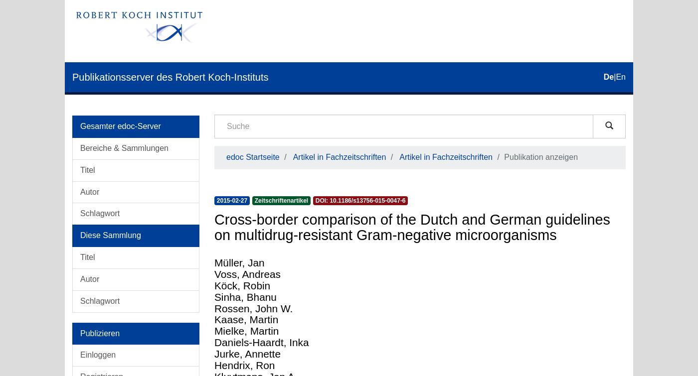 This screenshot has height=376, width=698. Describe the element at coordinates (360, 200) in the screenshot. I see `'DOI:
                                10.1186/s13756-015-0047-6'` at that location.